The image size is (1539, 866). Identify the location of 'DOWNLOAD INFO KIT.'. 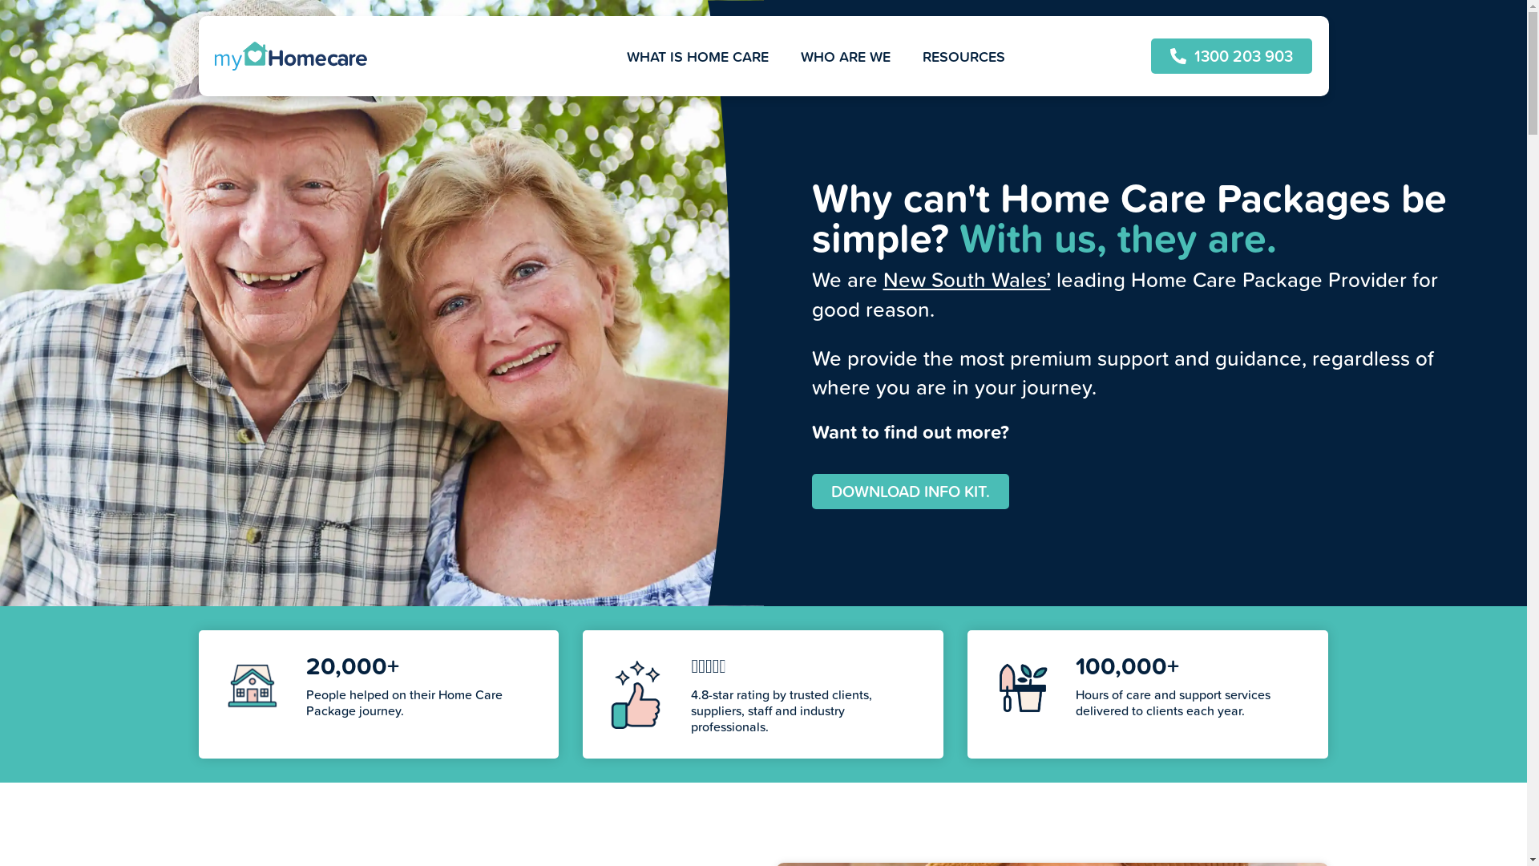
(811, 491).